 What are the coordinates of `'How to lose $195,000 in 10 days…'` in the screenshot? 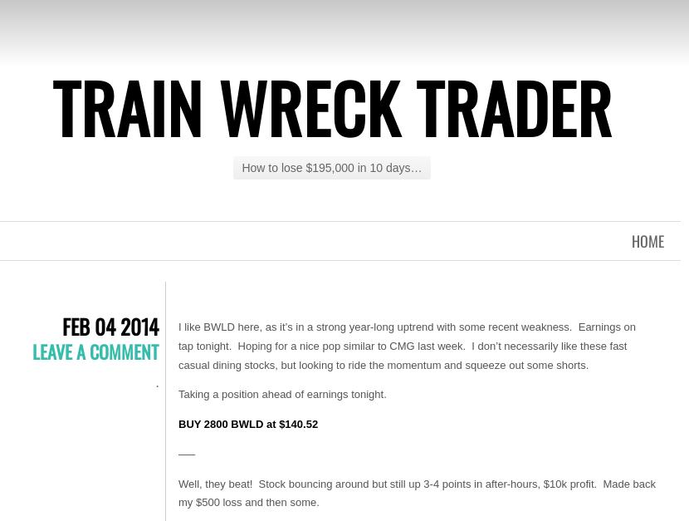 It's located at (330, 168).